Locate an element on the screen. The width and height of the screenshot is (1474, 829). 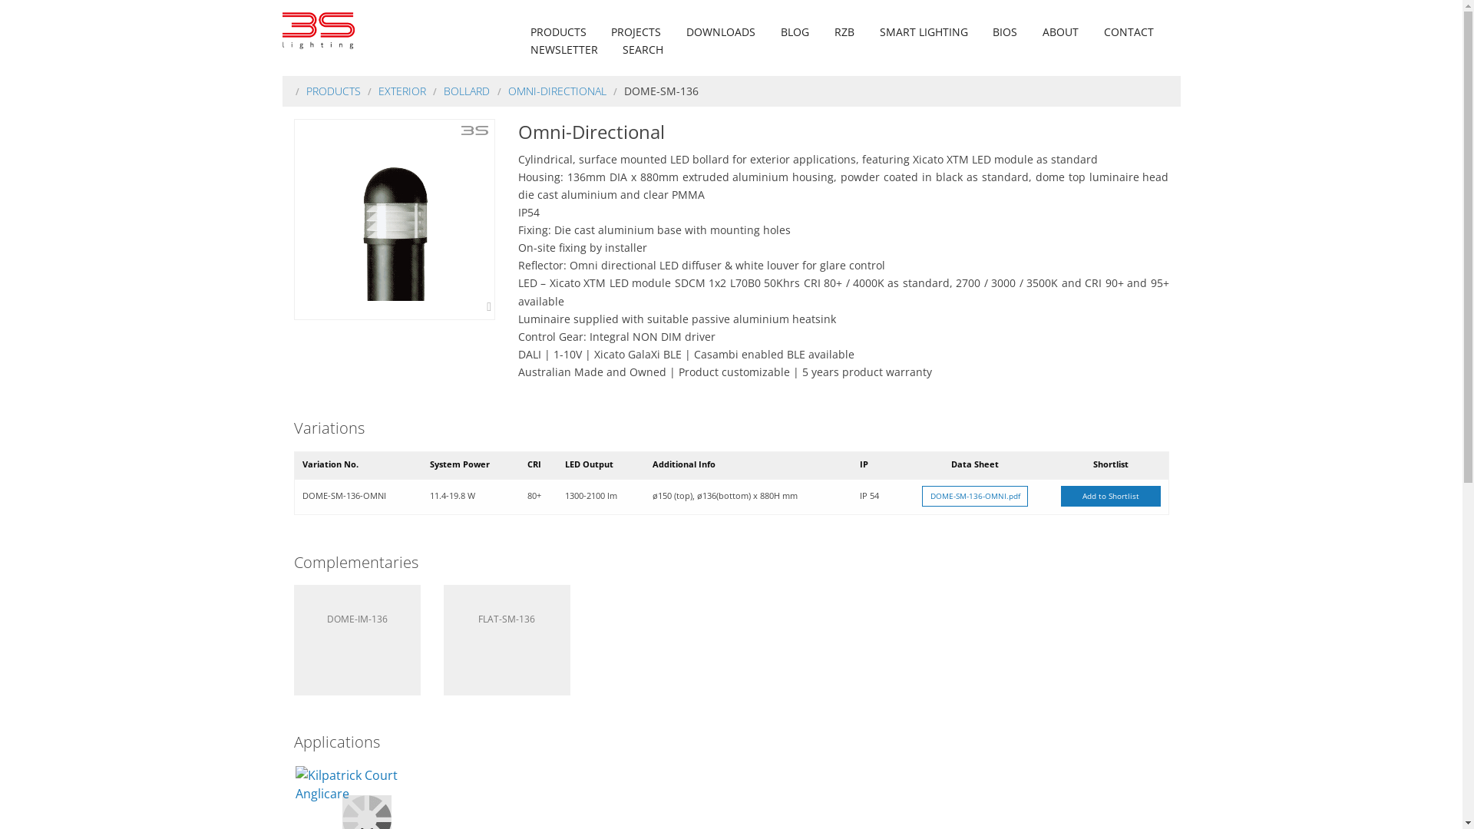
'NEWSLETTER' is located at coordinates (563, 48).